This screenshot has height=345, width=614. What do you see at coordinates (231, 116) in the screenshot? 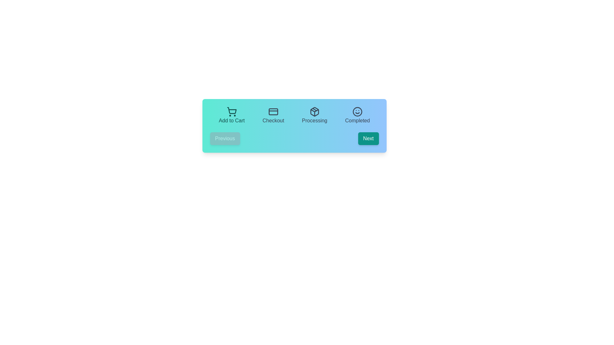
I see `the step labeled Add to Cart to focus on it` at bounding box center [231, 116].